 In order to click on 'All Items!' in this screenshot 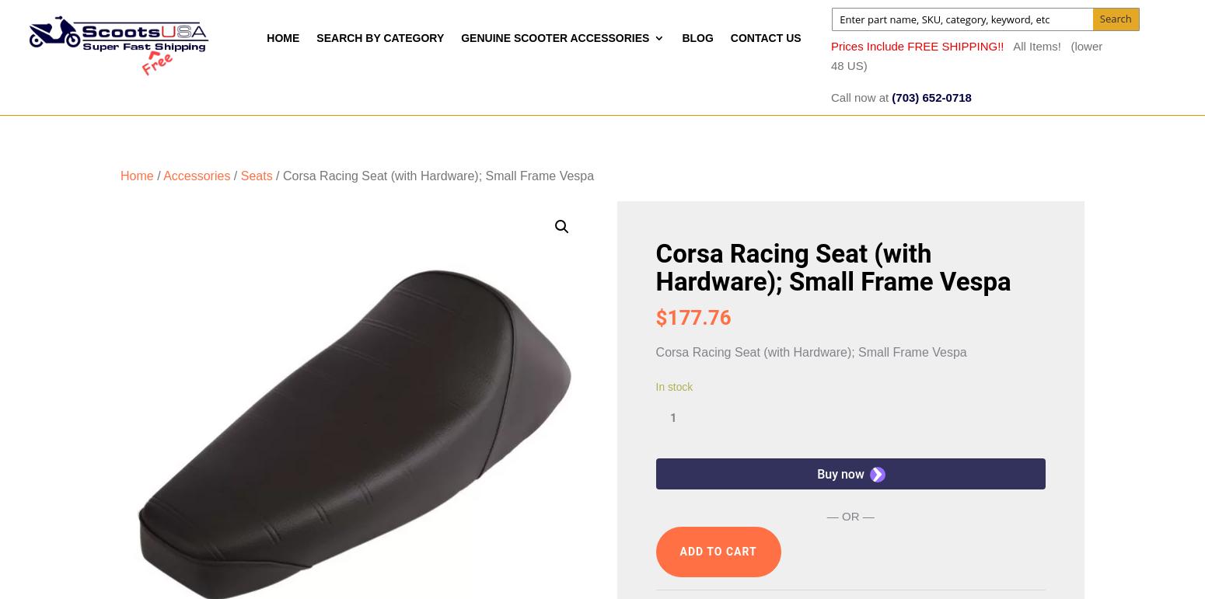, I will do `click(1039, 44)`.